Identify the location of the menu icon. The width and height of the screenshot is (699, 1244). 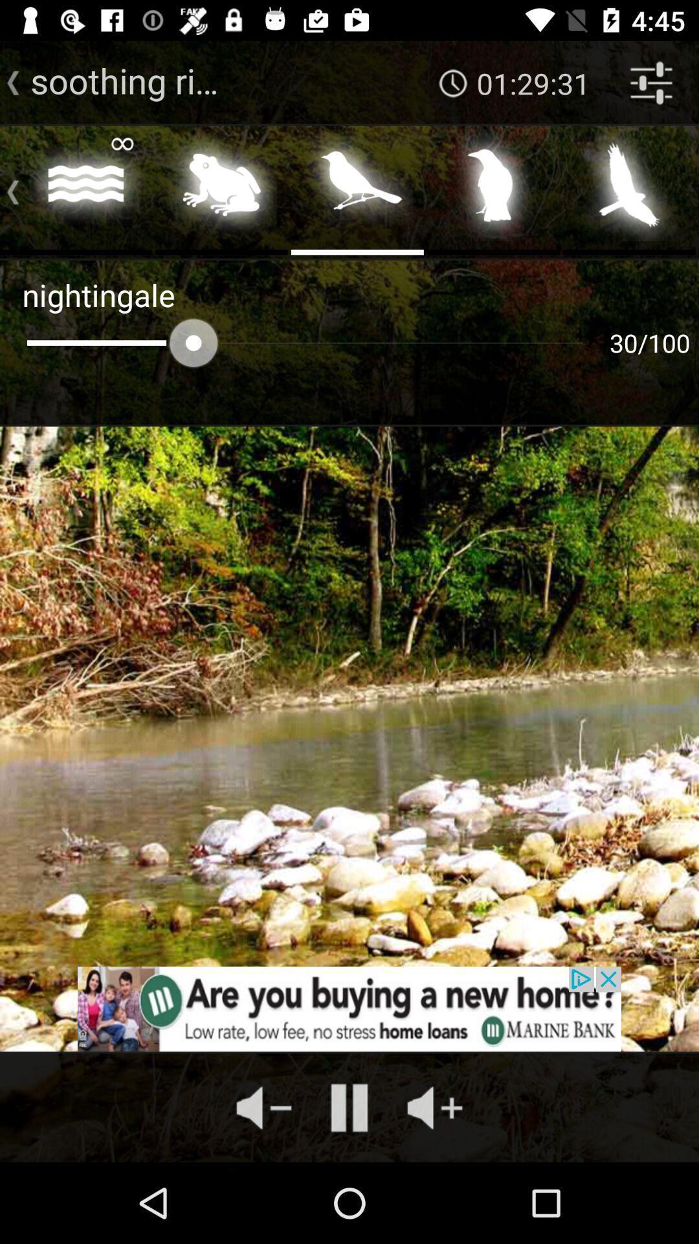
(8, 189).